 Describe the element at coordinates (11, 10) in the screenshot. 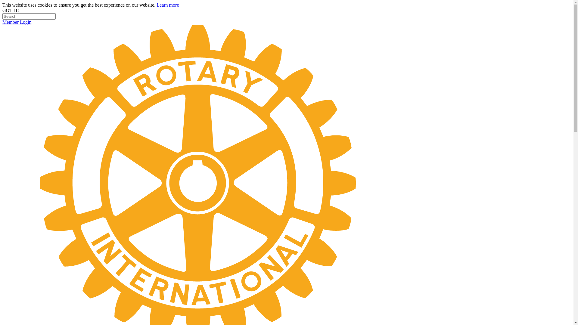

I see `'GOT IT!'` at that location.